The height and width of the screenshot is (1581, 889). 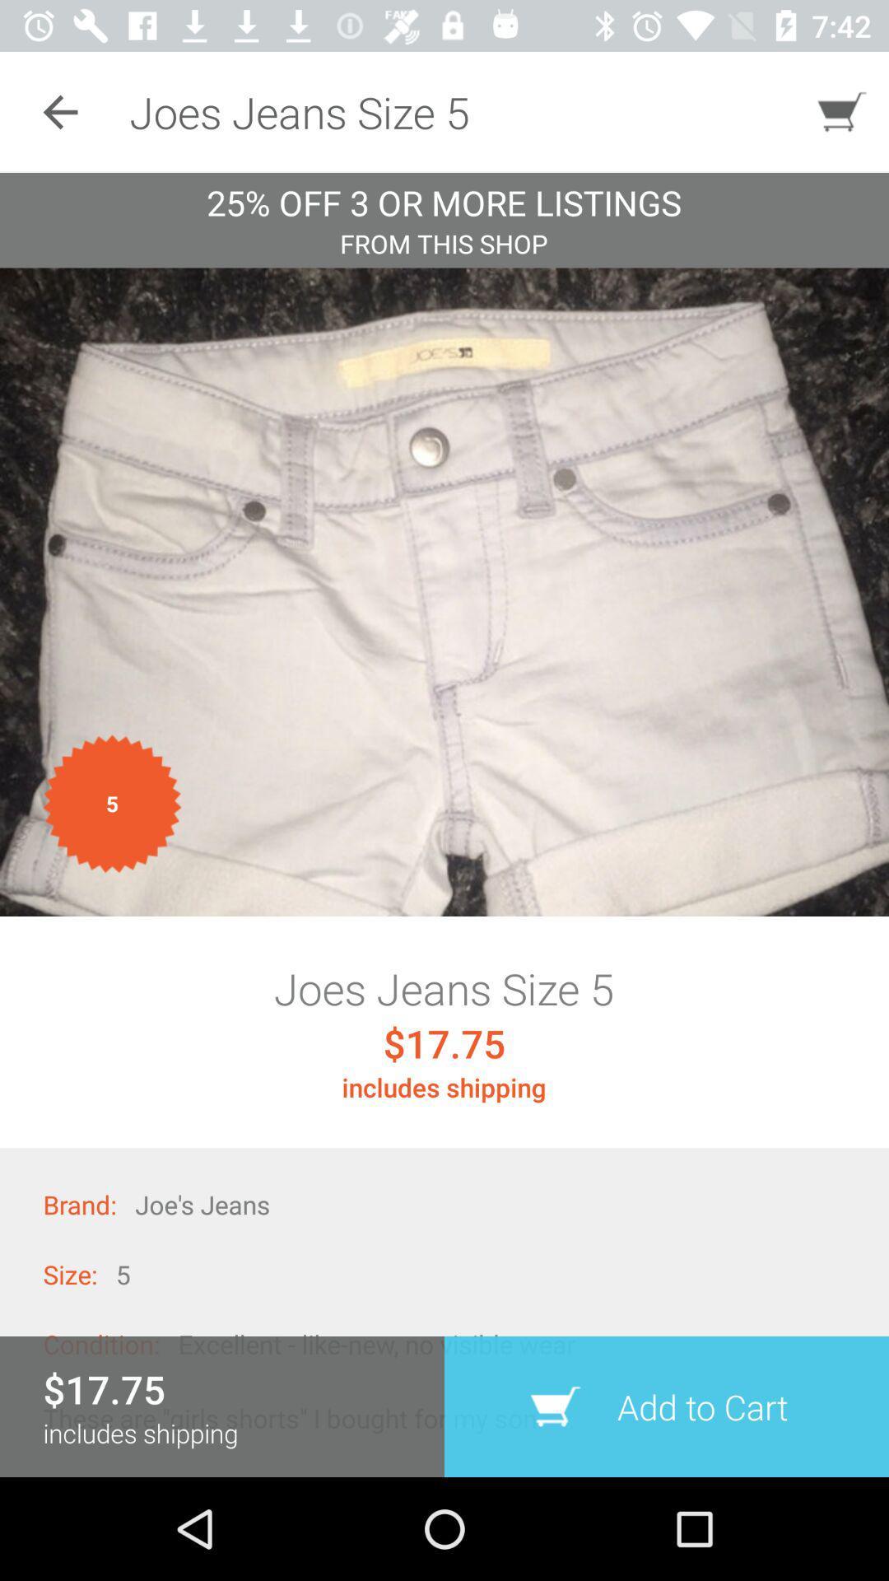 I want to click on item next to joes jeans size item, so click(x=59, y=111).